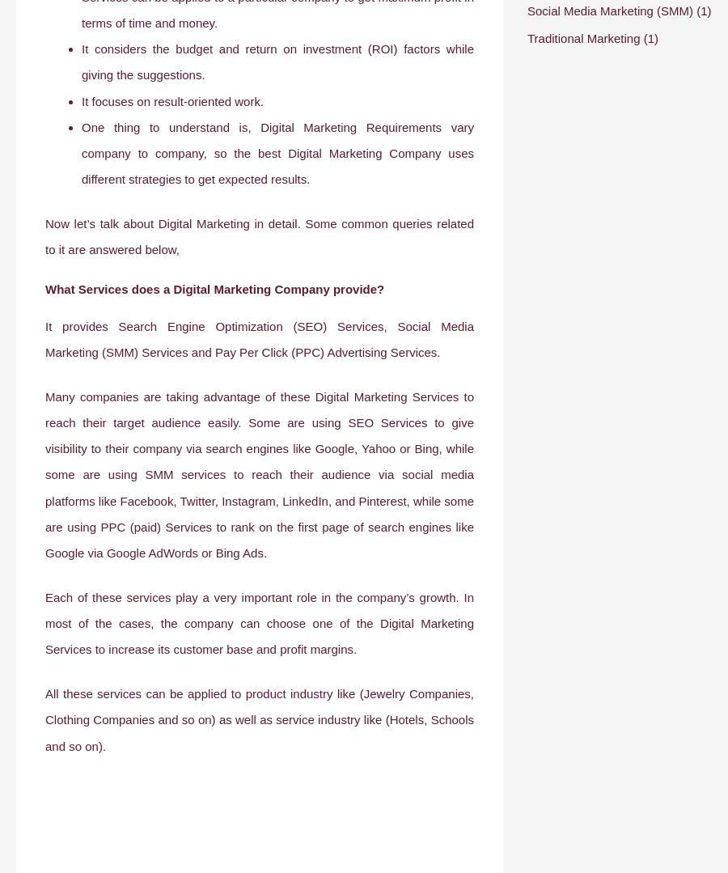 The width and height of the screenshot is (728, 873). I want to click on 'Many companies are taking advantage of these Digital Marketing Services to reach their target audience easily. Some are using SEO Services to give visibility to their company via search engines like Google, Yahoo or Bing, while some are using SMM services to reach their audience via social media platforms like Facebook, Twitter, Instagram, LinkedIn, and Pinterest, while some are using PPC (paid) Services to rank on the first page of search engines like Google via Google AdWords or Bing Ads.', so click(259, 474).